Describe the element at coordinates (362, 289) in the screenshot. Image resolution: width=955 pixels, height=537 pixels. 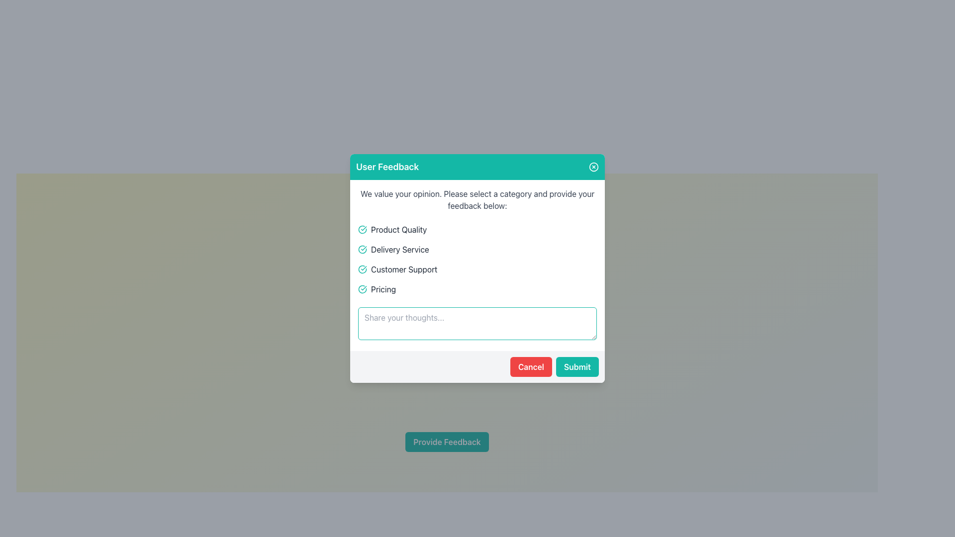
I see `the icon indicating the selection state of the 'Pricing' option in the feedback form, confirming its selected status` at that location.